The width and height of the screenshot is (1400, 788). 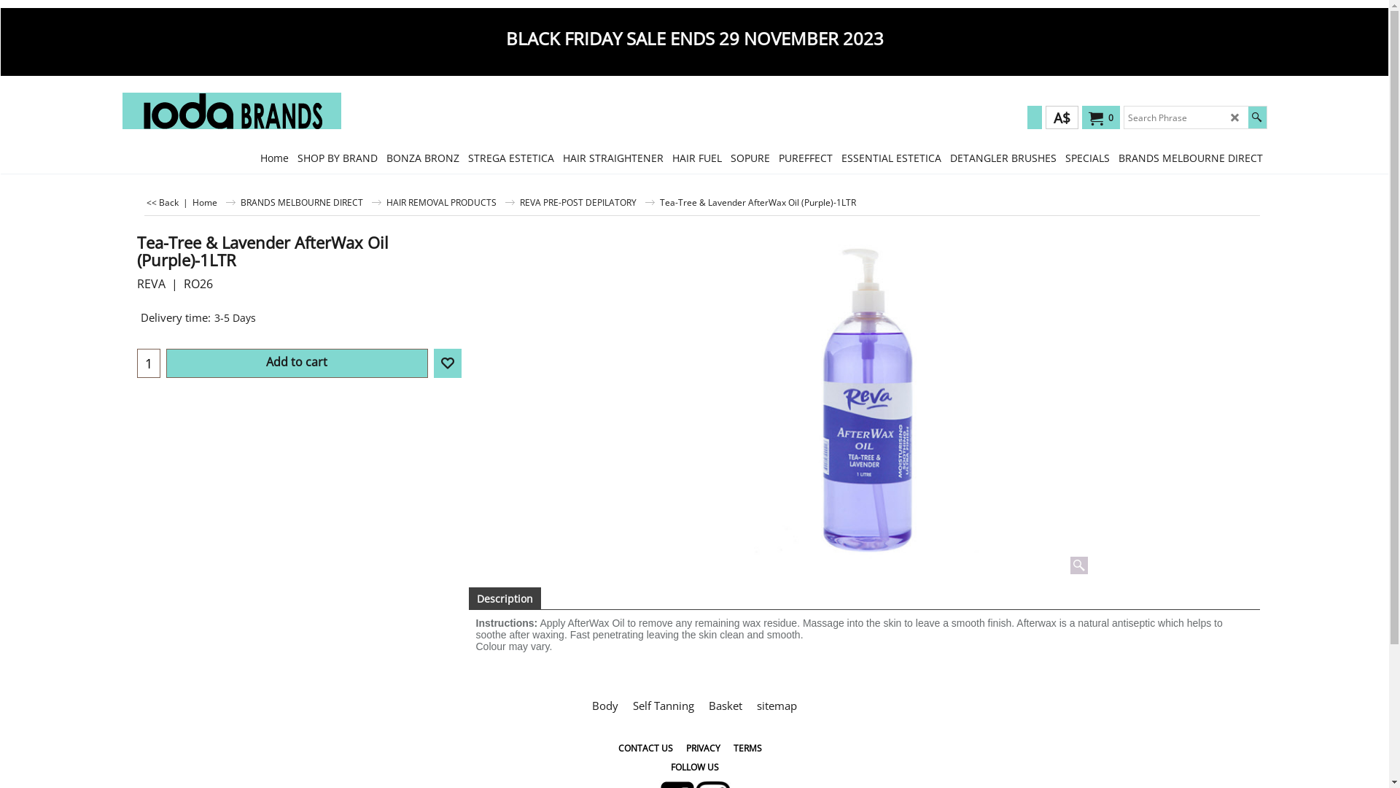 I want to click on 'DETANGLER BRUSHES', so click(x=1001, y=157).